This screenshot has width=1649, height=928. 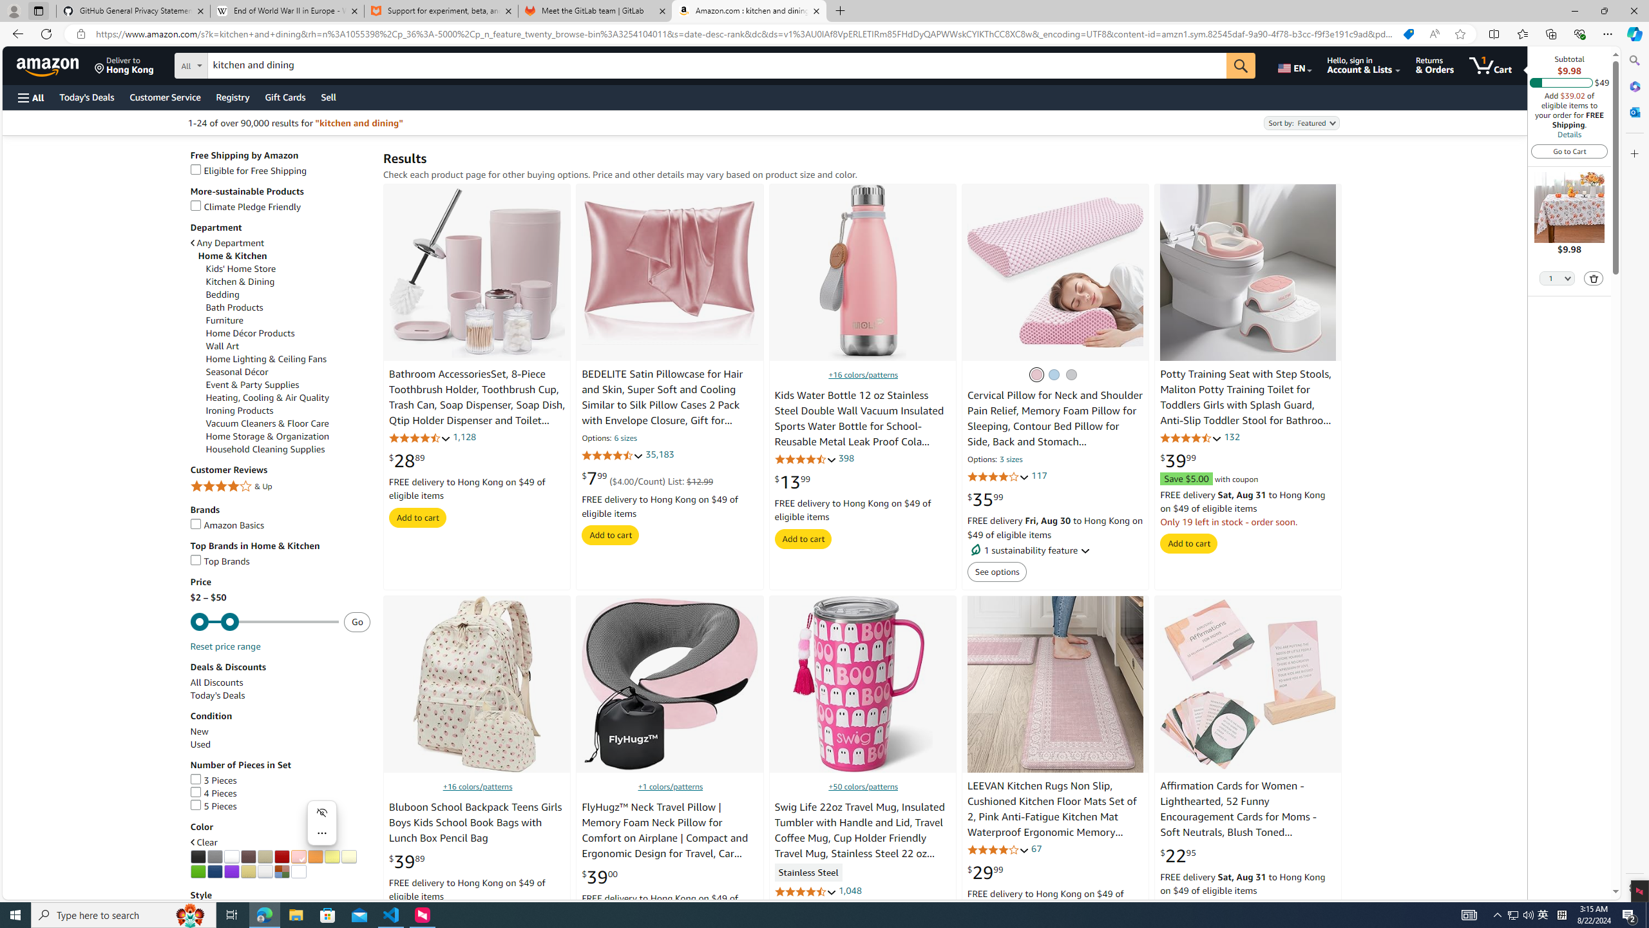 What do you see at coordinates (197, 856) in the screenshot?
I see `'Black'` at bounding box center [197, 856].